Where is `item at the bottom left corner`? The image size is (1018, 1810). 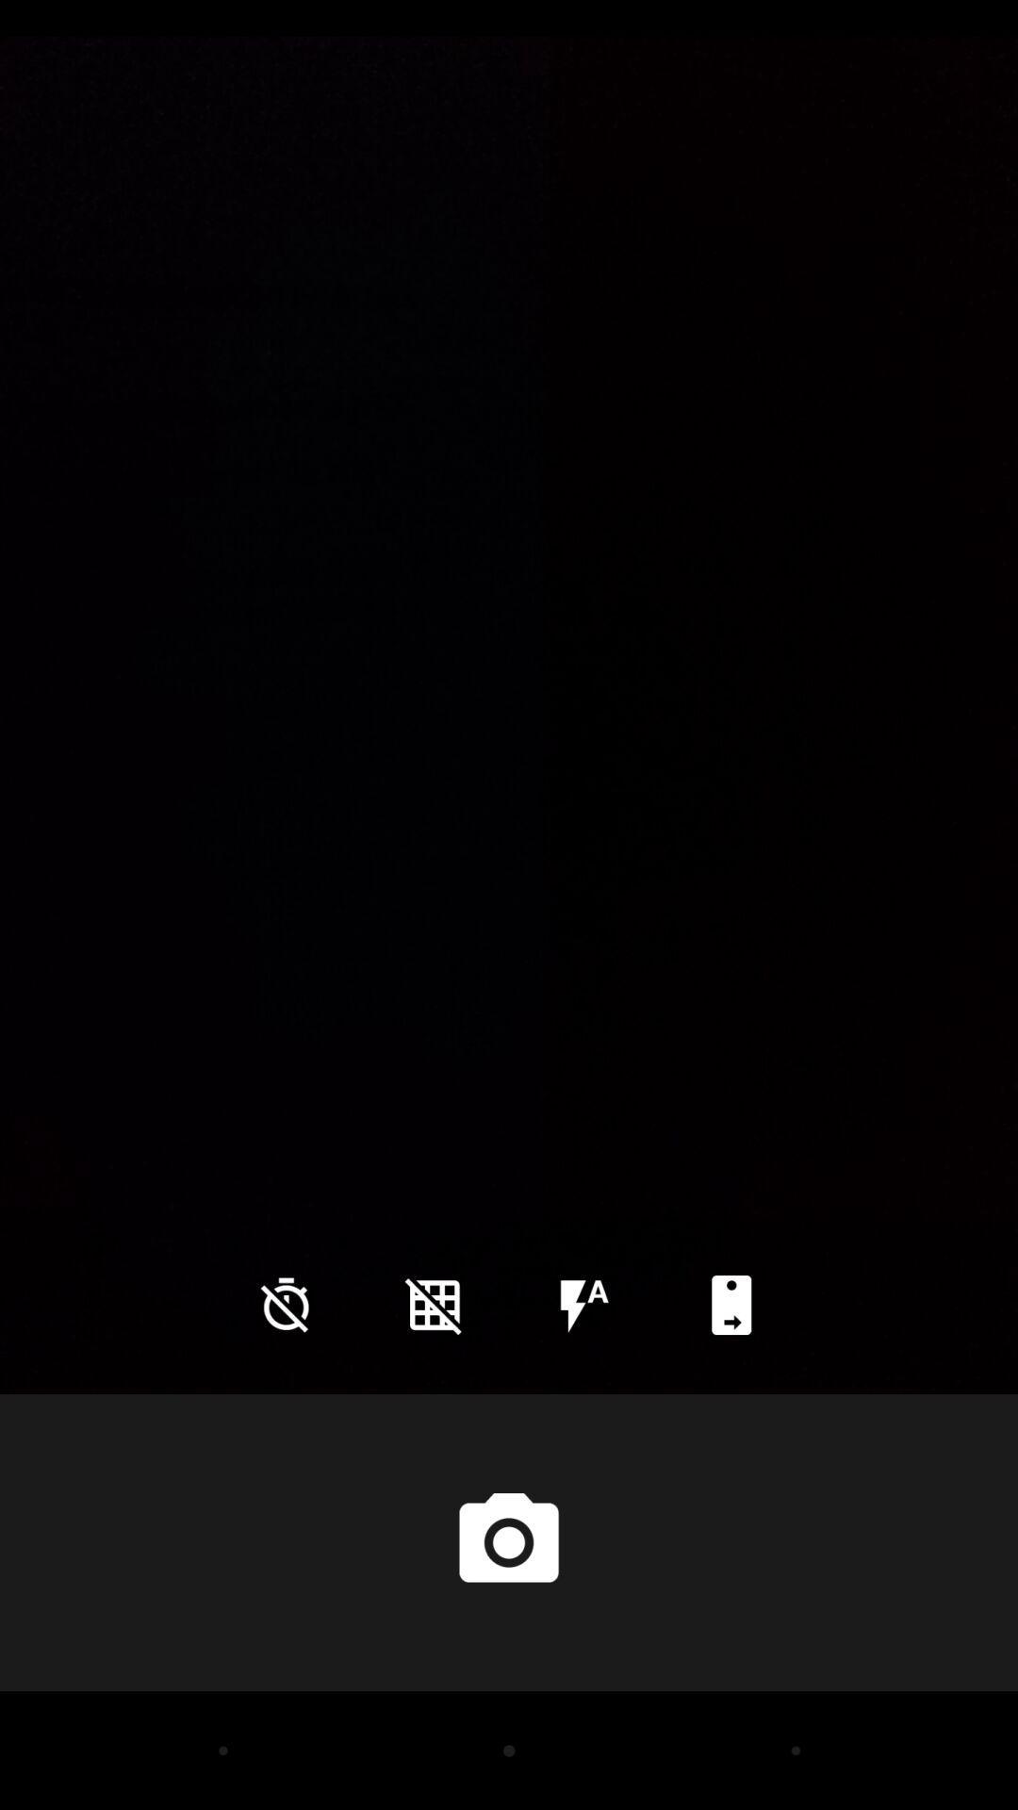
item at the bottom left corner is located at coordinates (286, 1304).